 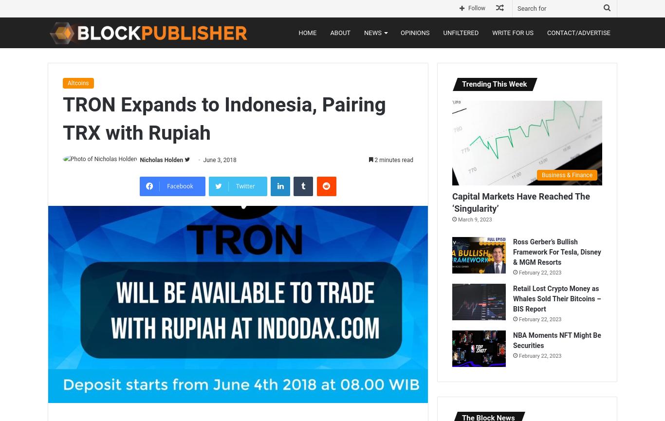 I want to click on 'Nicholas Holden', so click(x=161, y=160).